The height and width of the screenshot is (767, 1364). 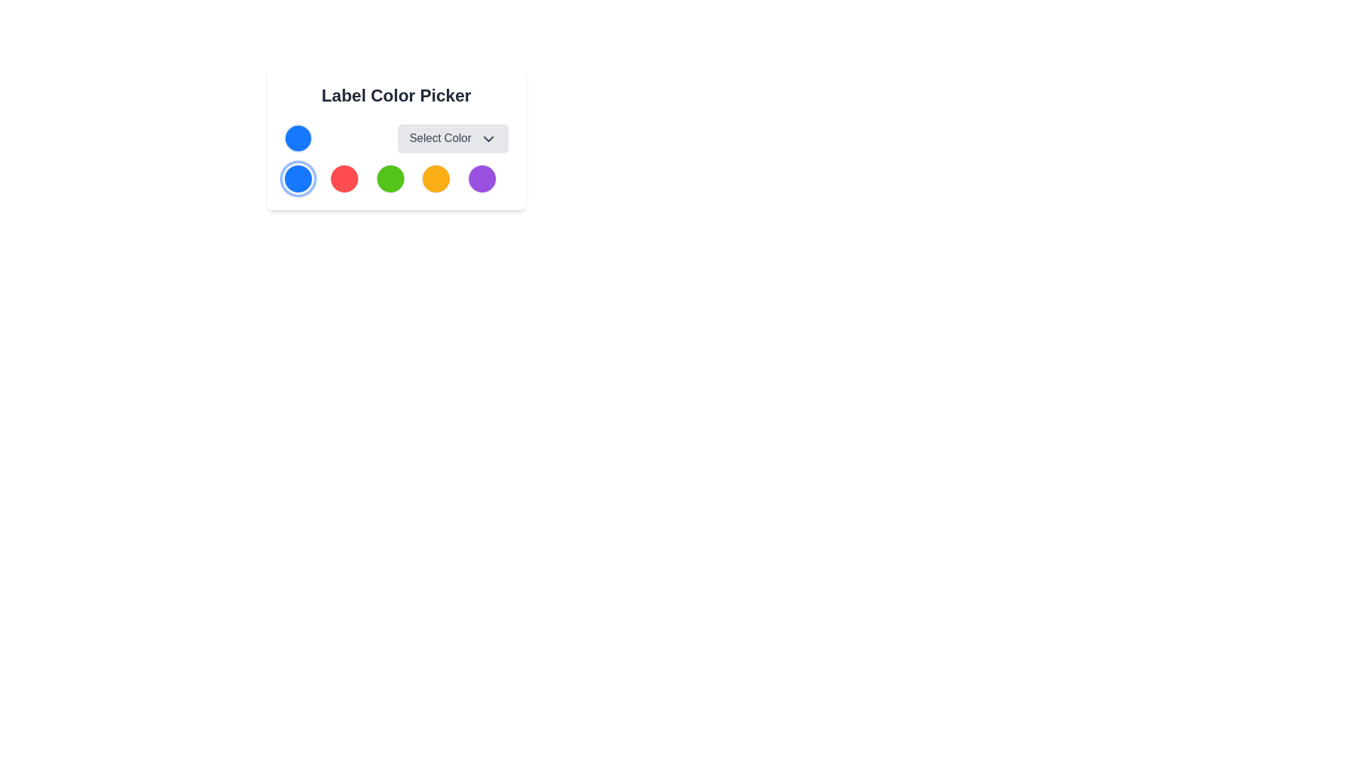 What do you see at coordinates (488, 138) in the screenshot?
I see `the chevron-down icon located at the top-right side of the 'Select Color' button` at bounding box center [488, 138].